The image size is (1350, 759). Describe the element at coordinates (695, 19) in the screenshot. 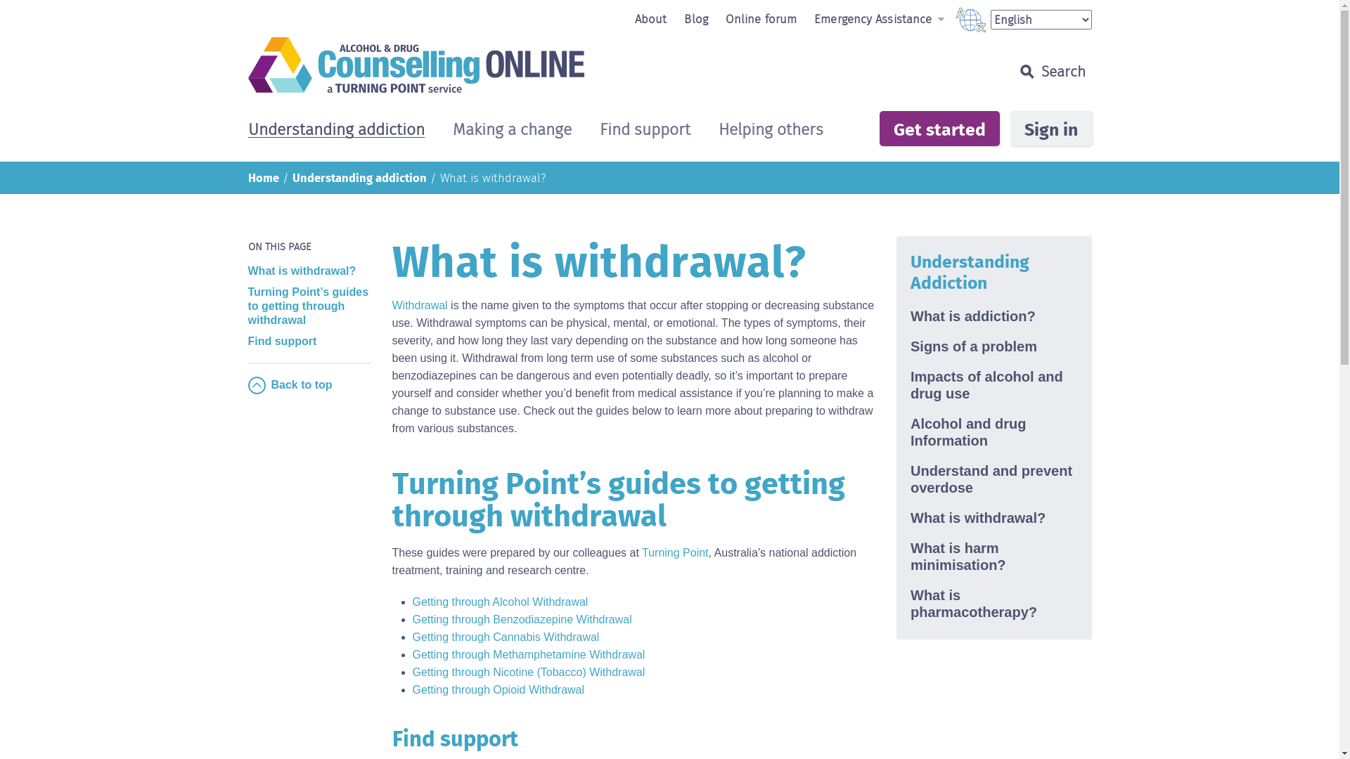

I see `'Blog'` at that location.